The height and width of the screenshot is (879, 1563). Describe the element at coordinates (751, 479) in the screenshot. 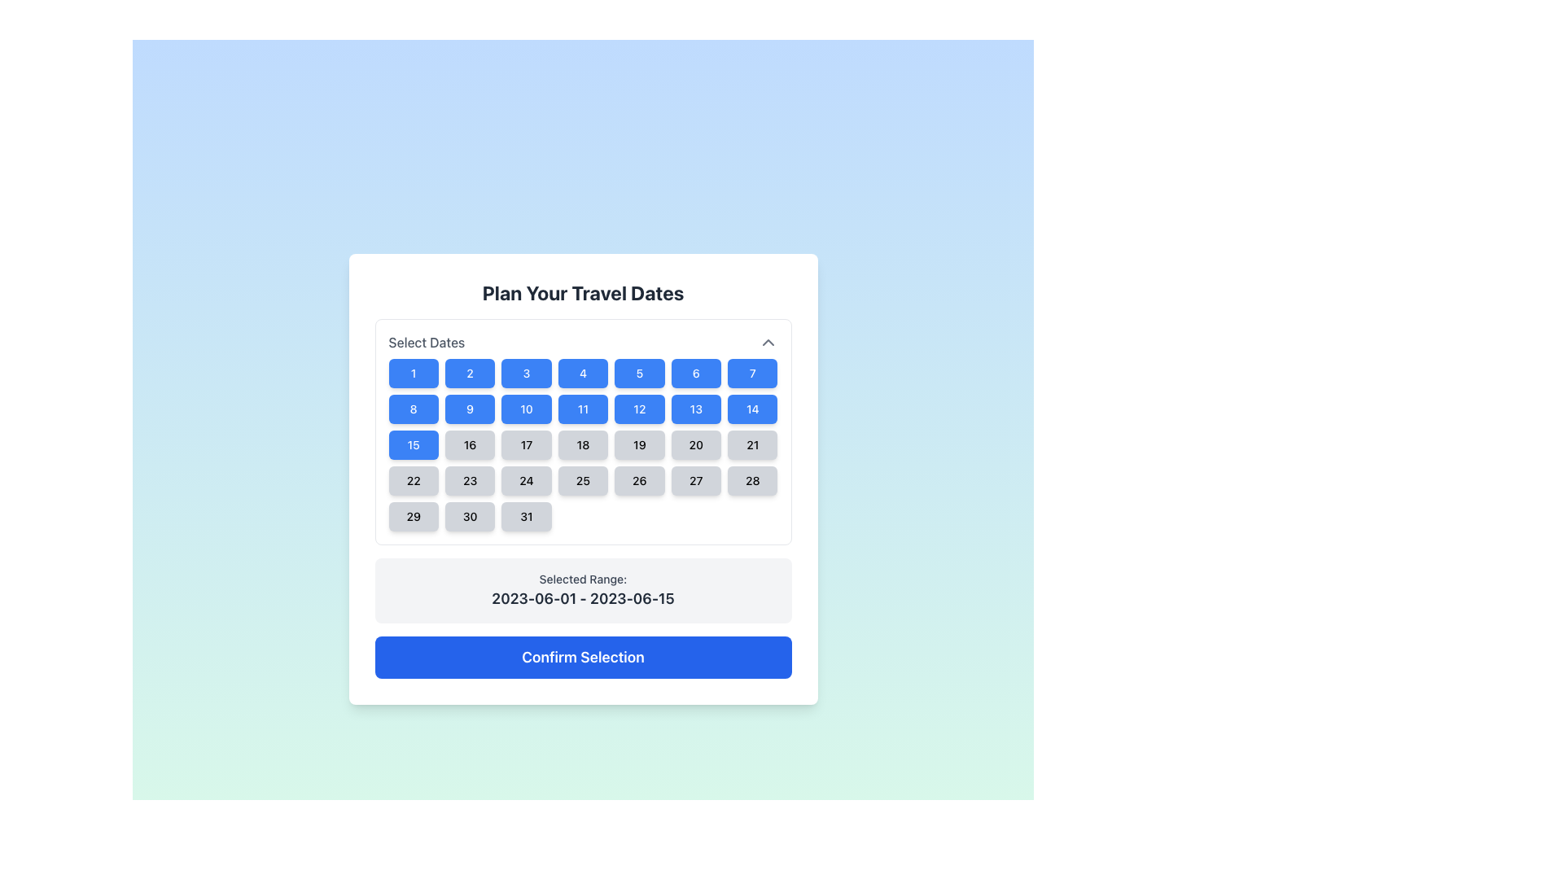

I see `the selectable date button representing the date 28 in the calendar interface` at that location.